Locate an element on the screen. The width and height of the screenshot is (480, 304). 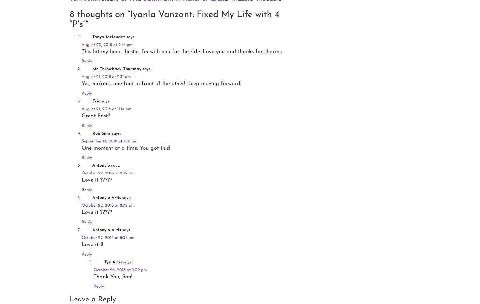
'Mr. Throwback Thursday' is located at coordinates (117, 69).